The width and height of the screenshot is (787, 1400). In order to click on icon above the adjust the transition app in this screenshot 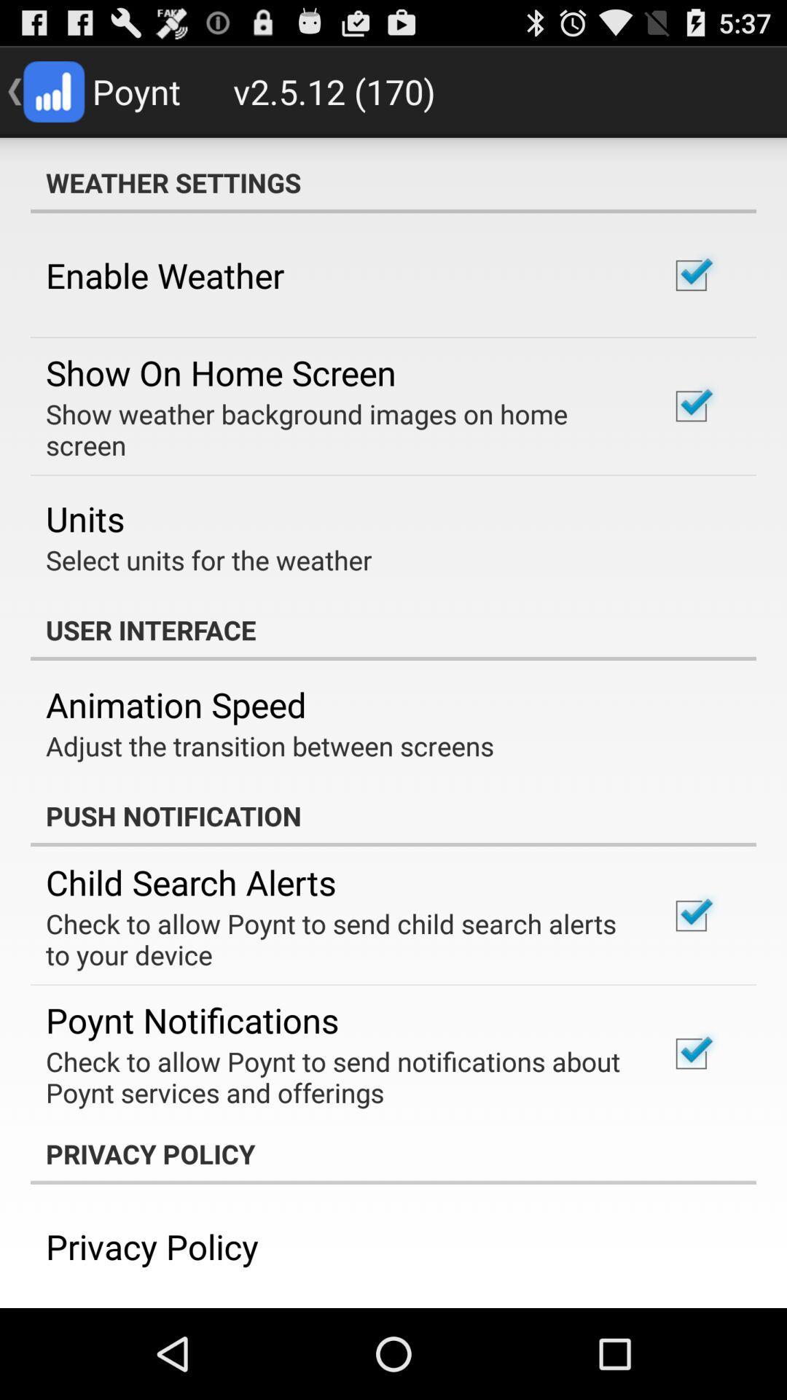, I will do `click(175, 704)`.